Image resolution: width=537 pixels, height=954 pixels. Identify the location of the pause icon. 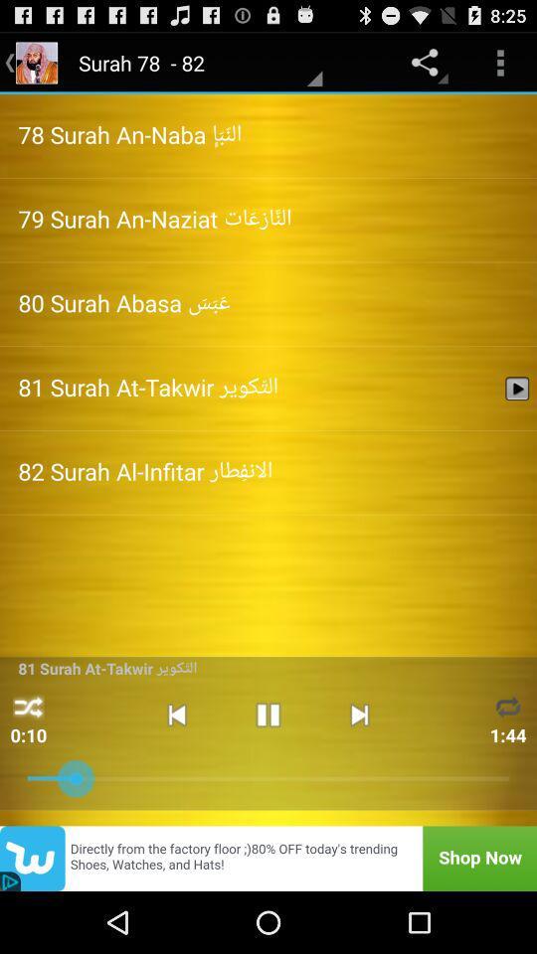
(268, 763).